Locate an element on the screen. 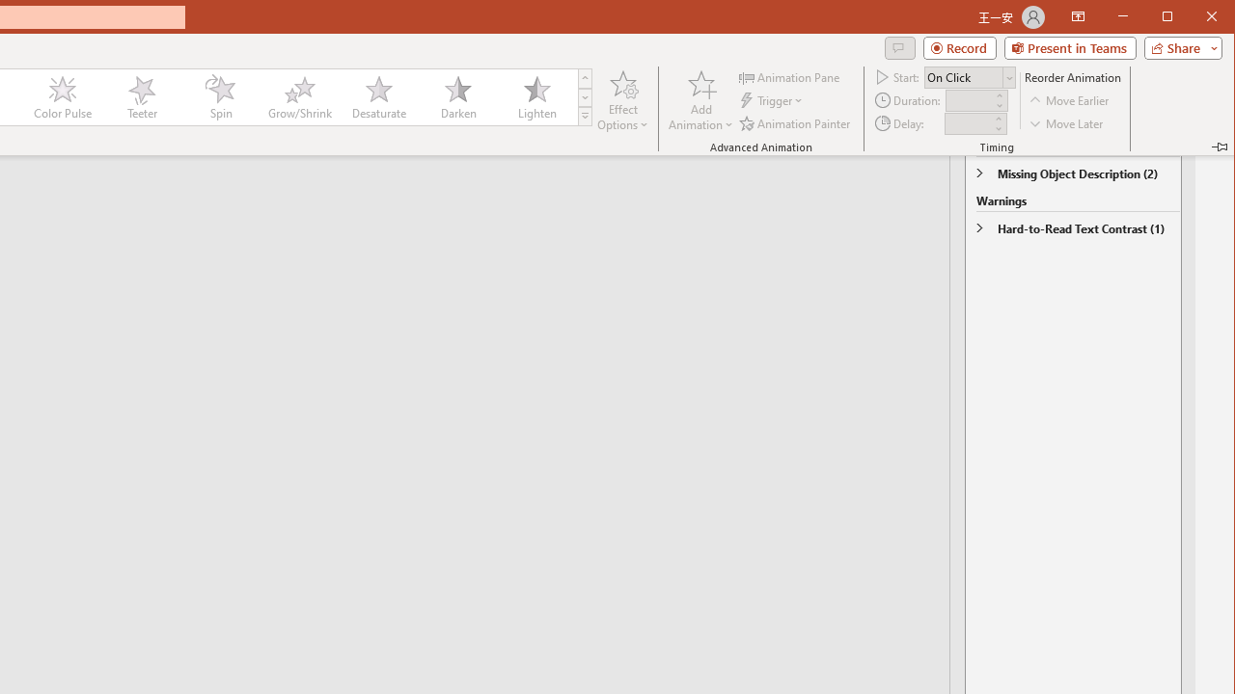  'Present in Teams' is located at coordinates (1069, 47).